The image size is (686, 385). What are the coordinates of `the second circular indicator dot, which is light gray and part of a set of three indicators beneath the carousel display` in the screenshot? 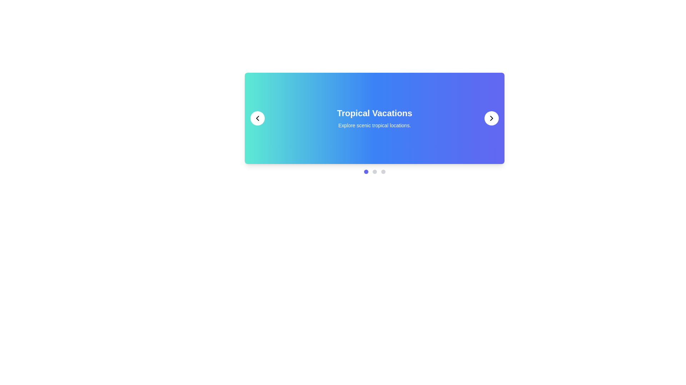 It's located at (374, 172).